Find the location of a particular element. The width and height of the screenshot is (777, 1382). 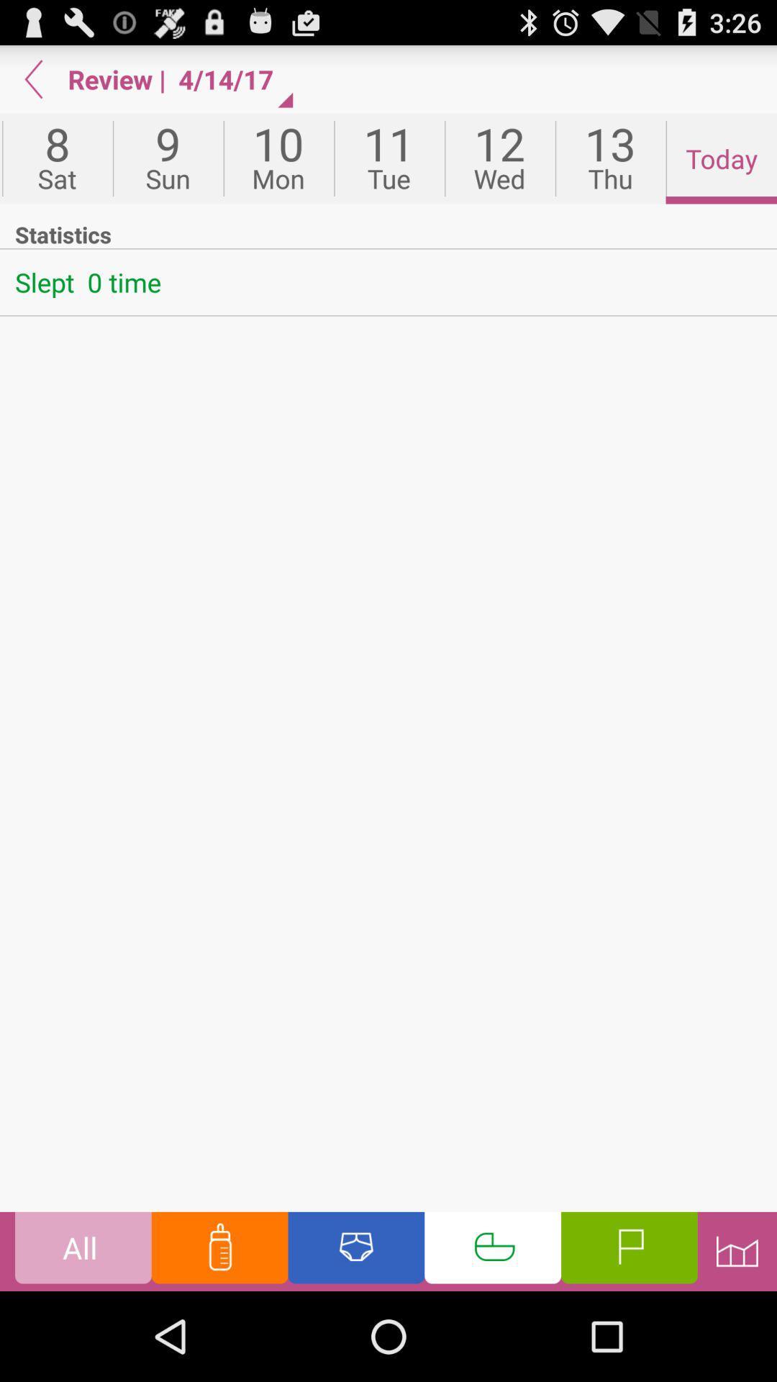

the sleep category is located at coordinates (492, 1250).